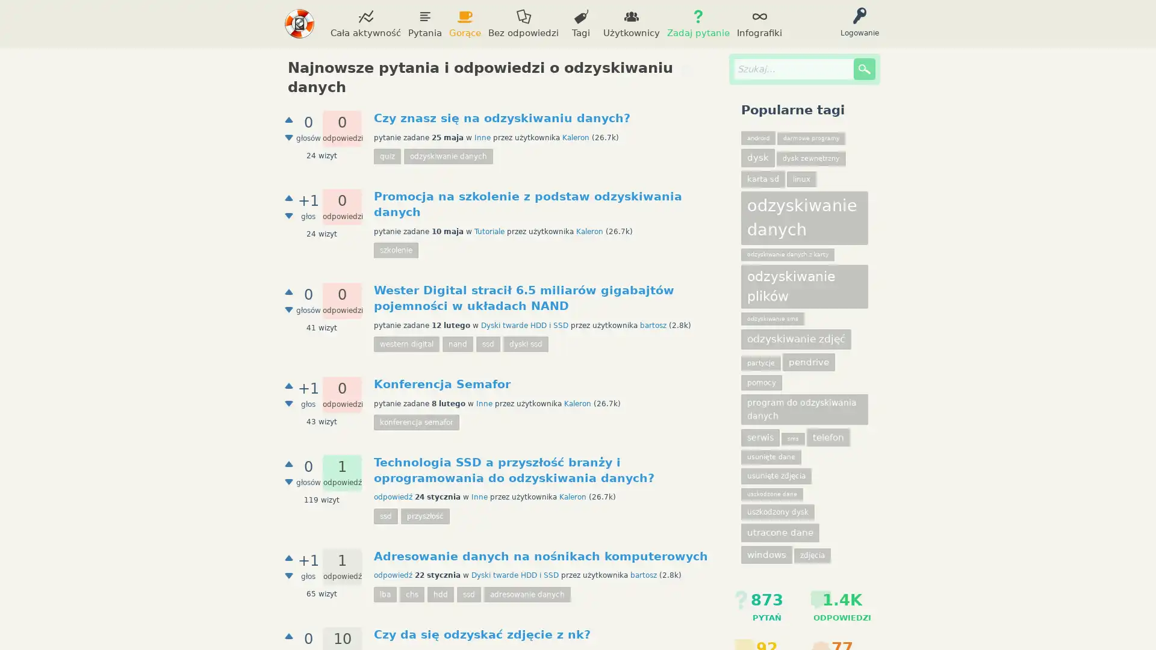  I want to click on +, so click(289, 385).